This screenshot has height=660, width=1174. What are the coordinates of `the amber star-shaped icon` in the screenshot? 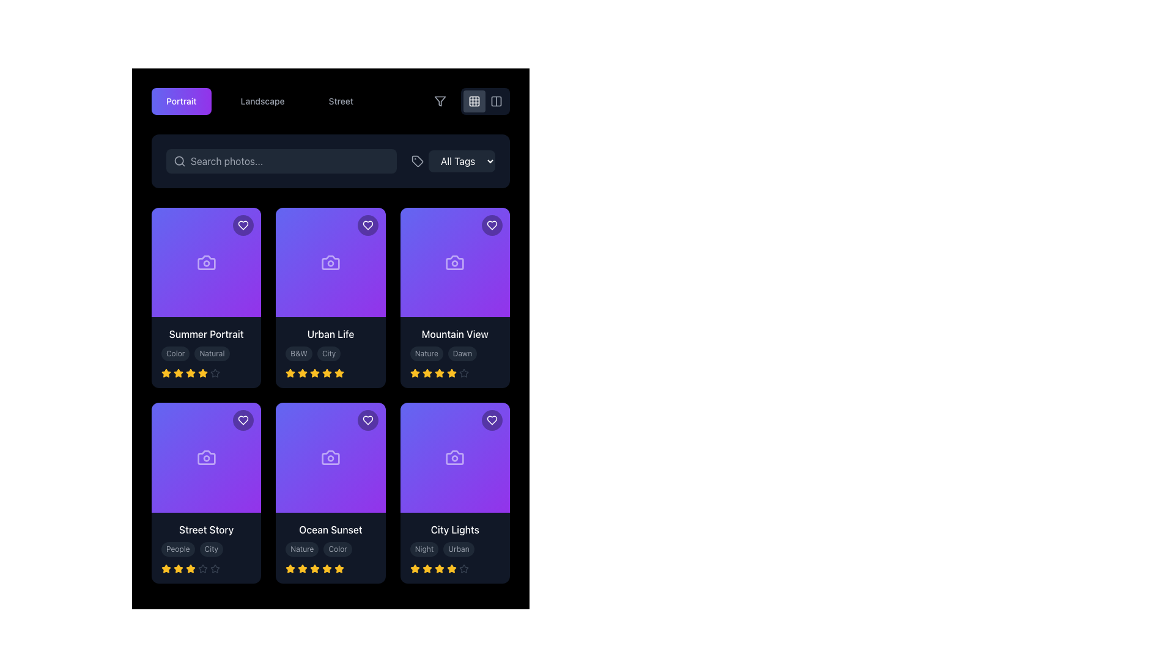 It's located at (178, 372).